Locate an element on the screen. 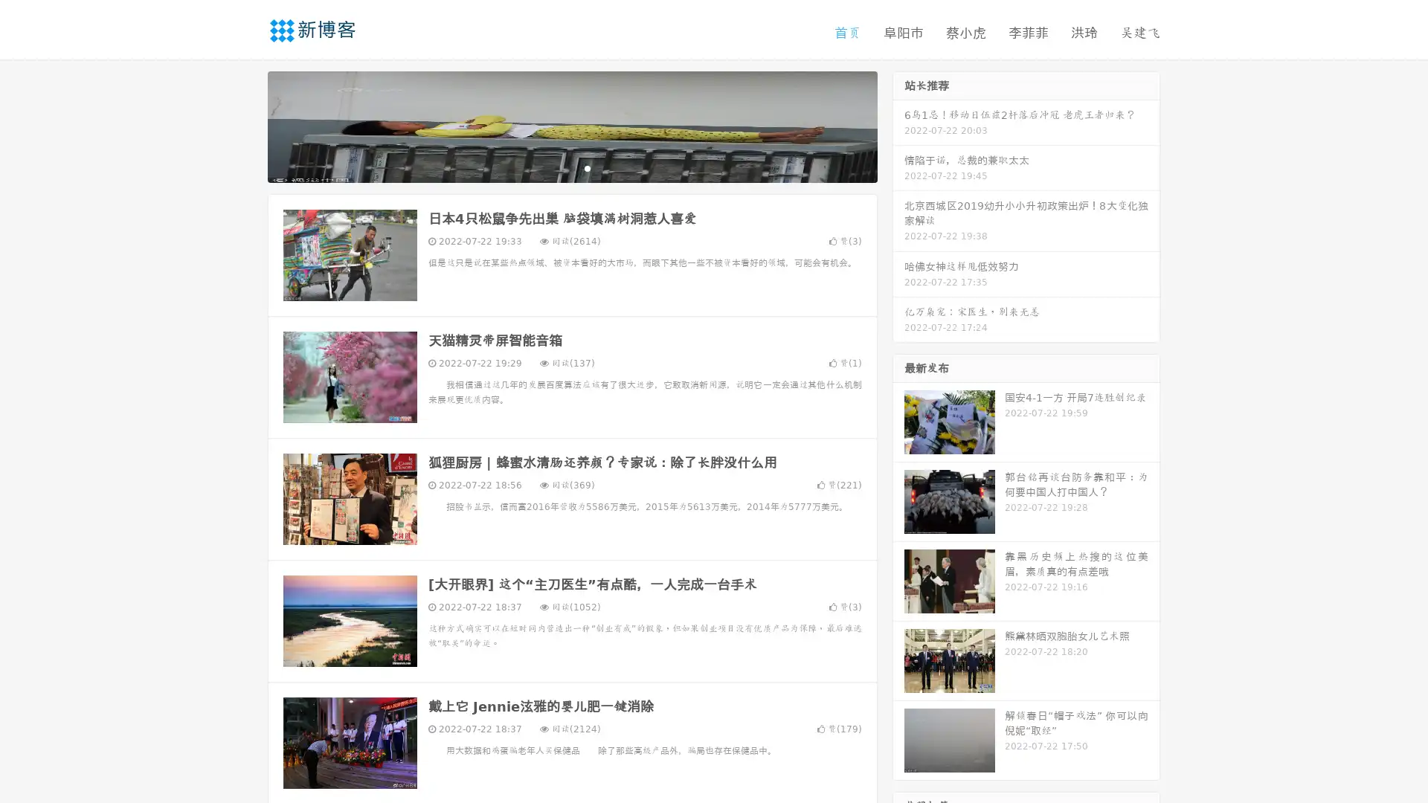 This screenshot has width=1428, height=803. Go to slide 2 is located at coordinates (571, 167).